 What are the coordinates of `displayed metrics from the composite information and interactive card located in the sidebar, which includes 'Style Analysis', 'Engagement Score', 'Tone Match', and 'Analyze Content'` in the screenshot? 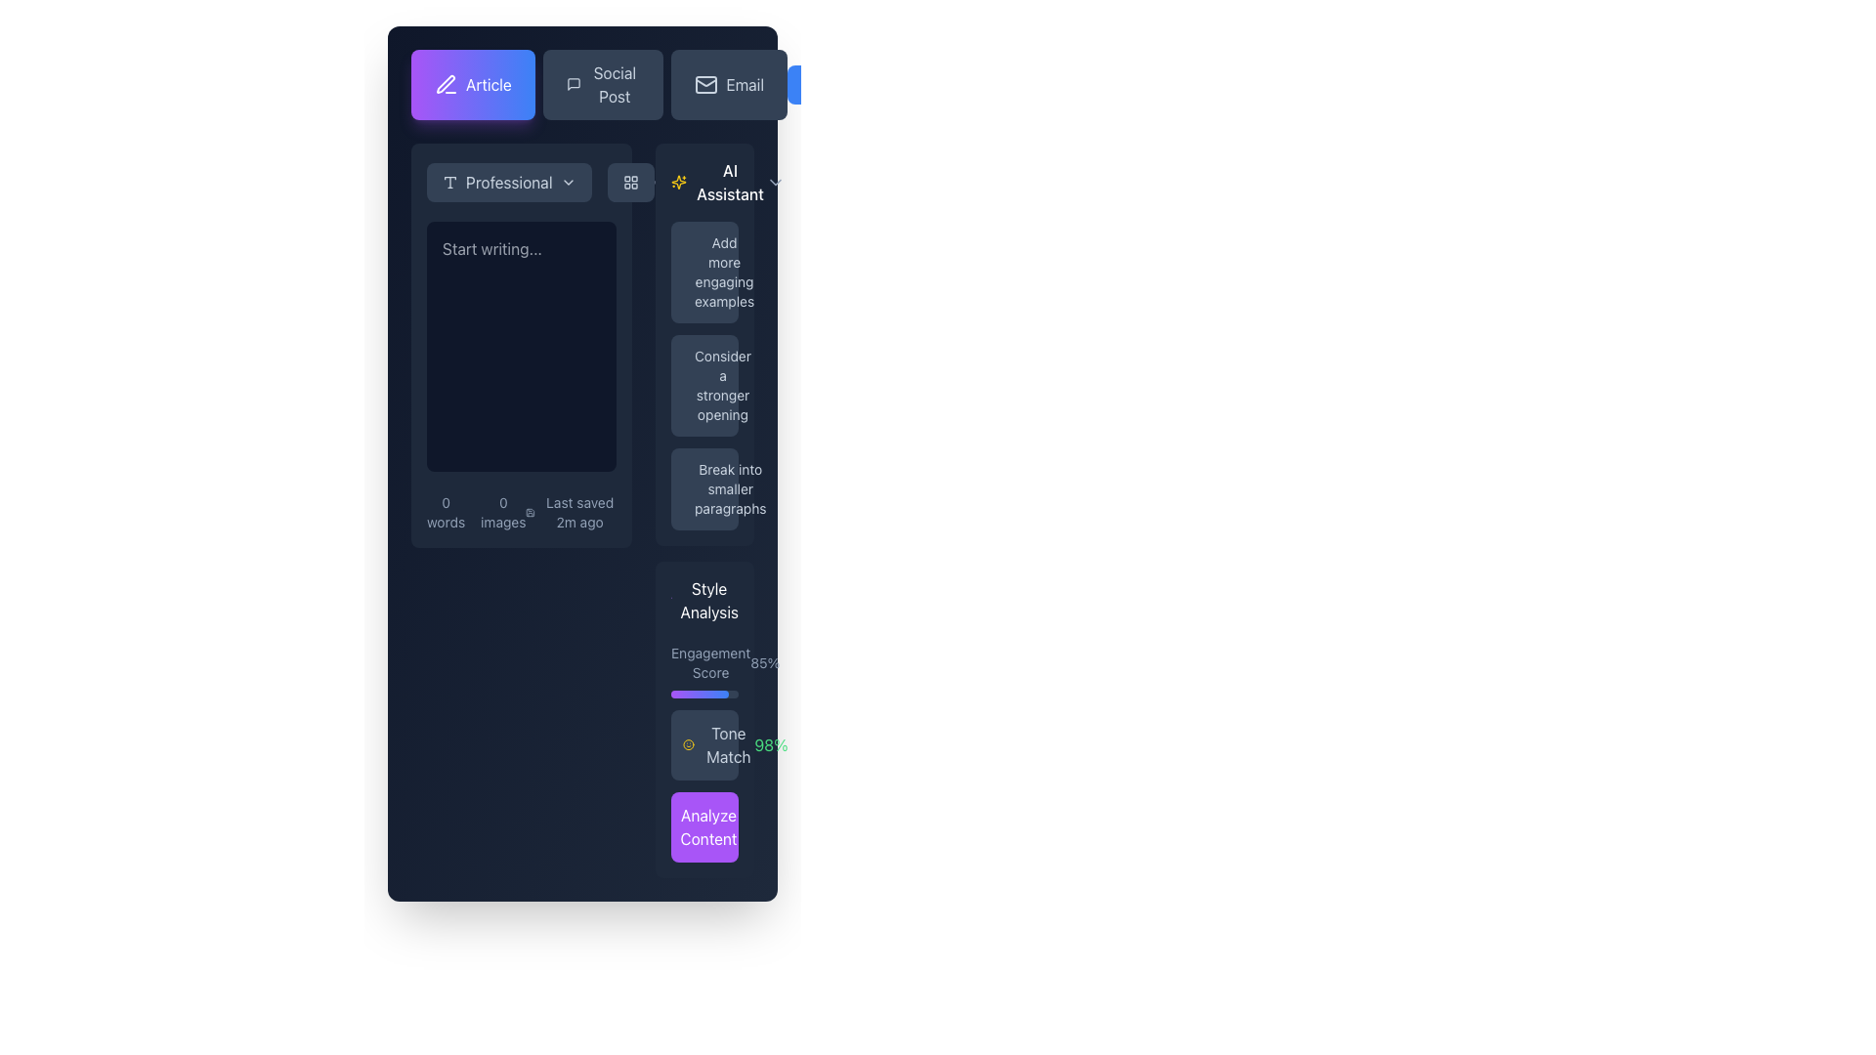 It's located at (703, 719).